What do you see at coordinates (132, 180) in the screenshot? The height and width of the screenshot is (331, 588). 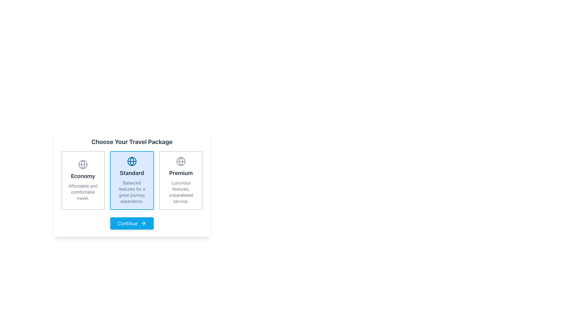 I see `to select the 'Standard' package card, which is the second card in a three-card layout with a light blue background and contains the heading 'Standard' in bold dark gray text` at bounding box center [132, 180].